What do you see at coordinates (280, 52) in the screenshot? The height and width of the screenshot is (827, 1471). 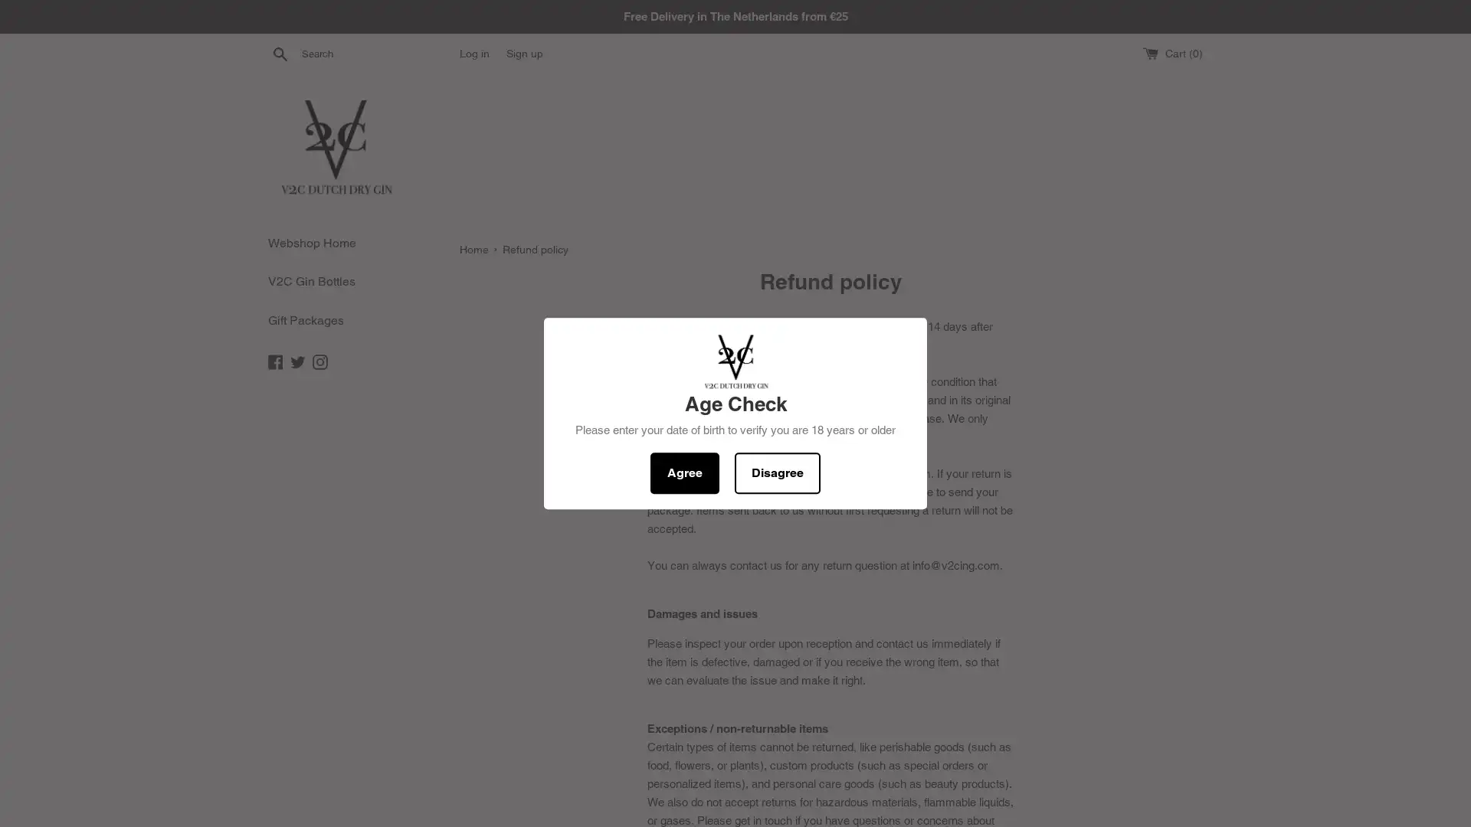 I see `Search` at bounding box center [280, 52].